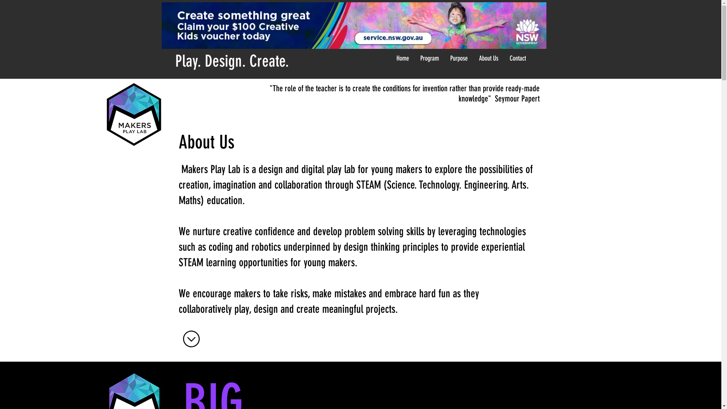 The height and width of the screenshot is (409, 727). I want to click on 'Program', so click(429, 58).